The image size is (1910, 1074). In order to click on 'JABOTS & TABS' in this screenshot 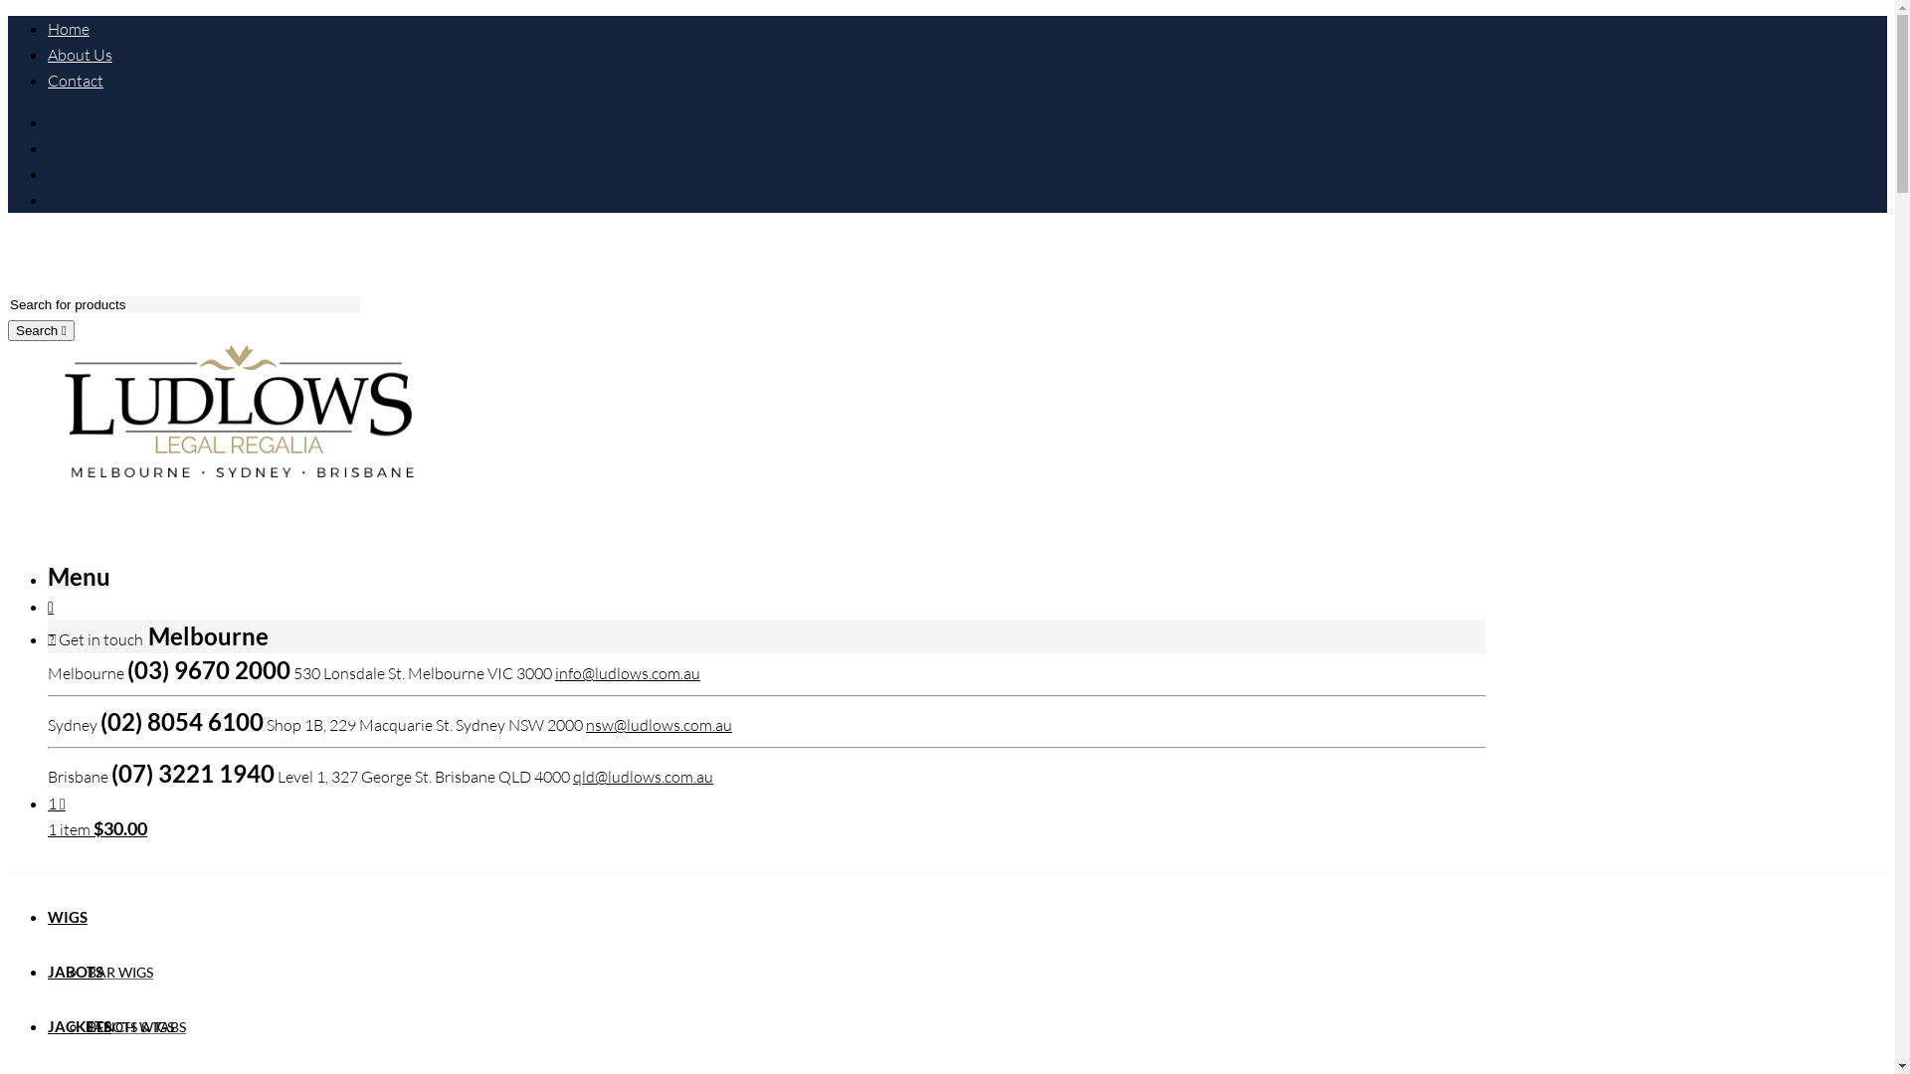, I will do `click(86, 1026)`.